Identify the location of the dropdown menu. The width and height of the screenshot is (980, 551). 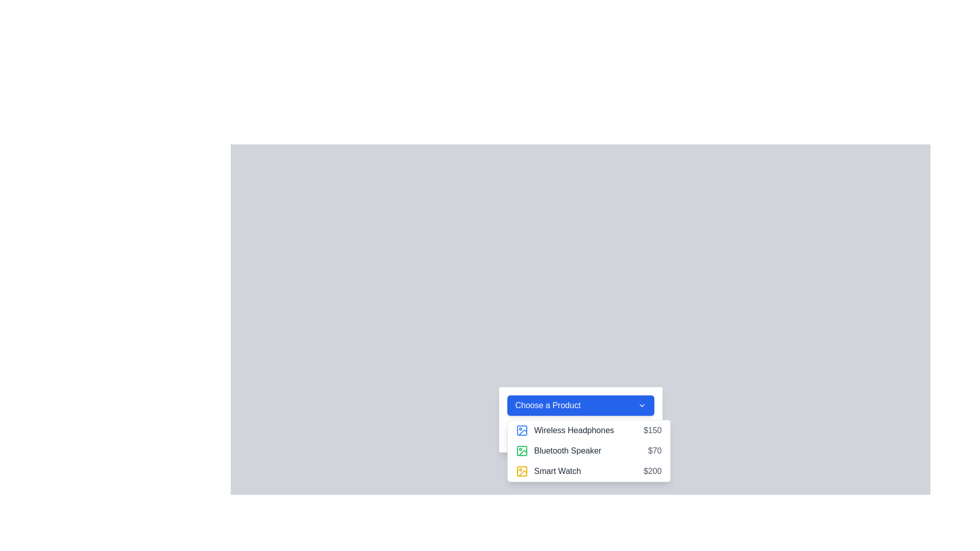
(589, 450).